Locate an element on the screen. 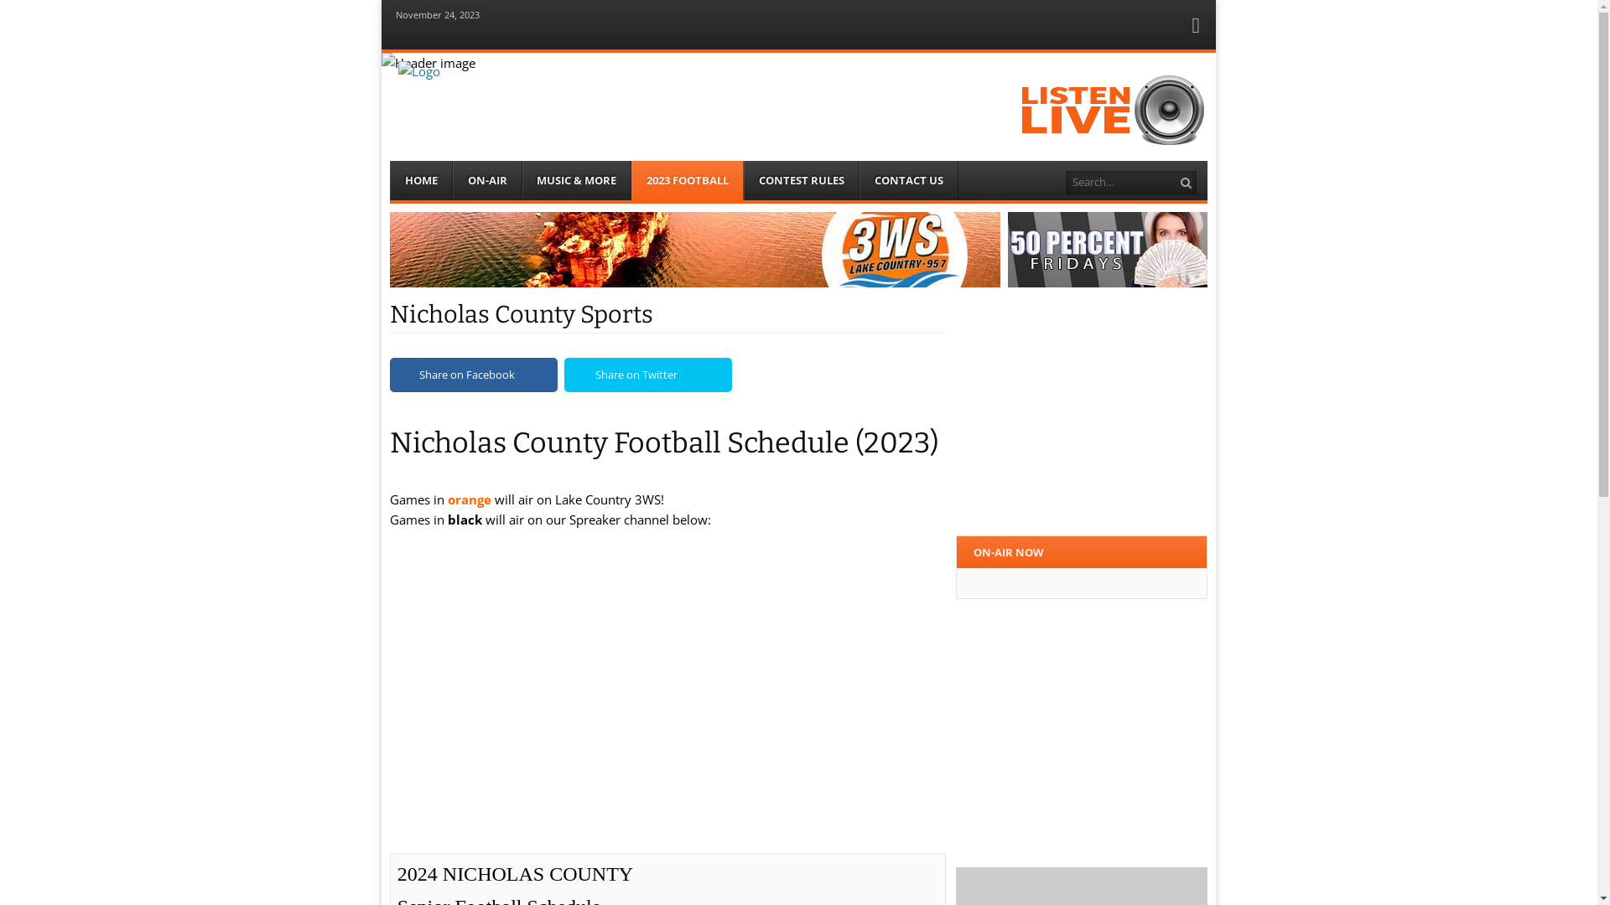 This screenshot has width=1610, height=905. 'CONTACT US' is located at coordinates (908, 180).